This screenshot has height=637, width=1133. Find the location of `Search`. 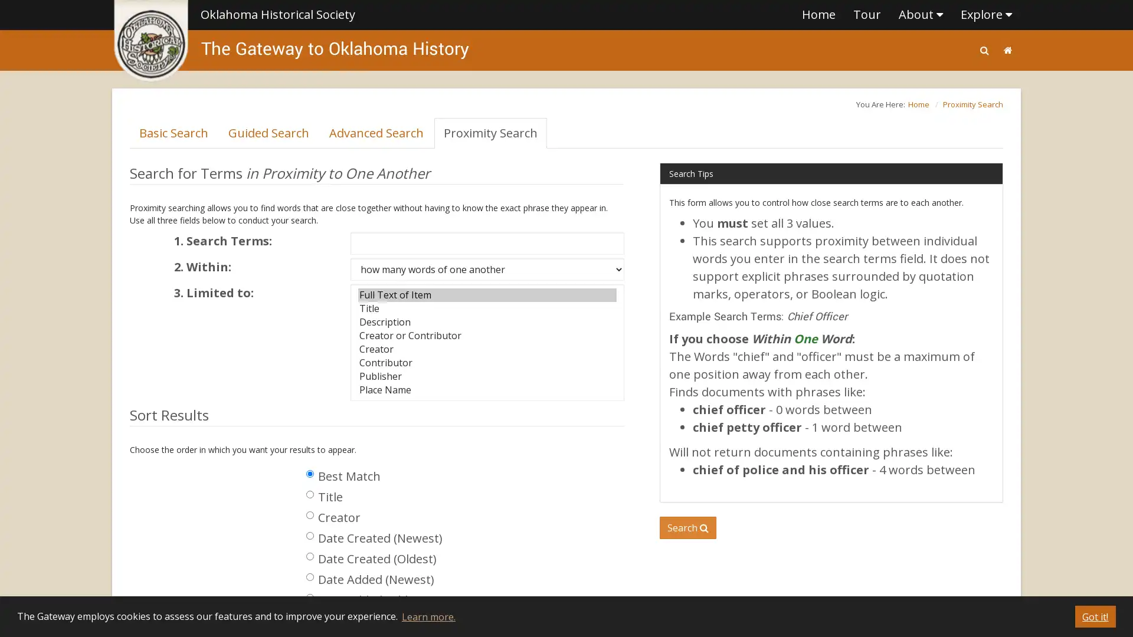

Search is located at coordinates (688, 527).